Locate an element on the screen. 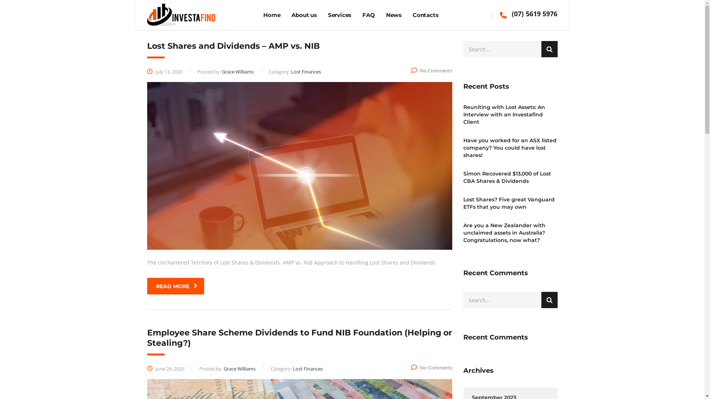 The width and height of the screenshot is (710, 399). 'Home' is located at coordinates (271, 15).